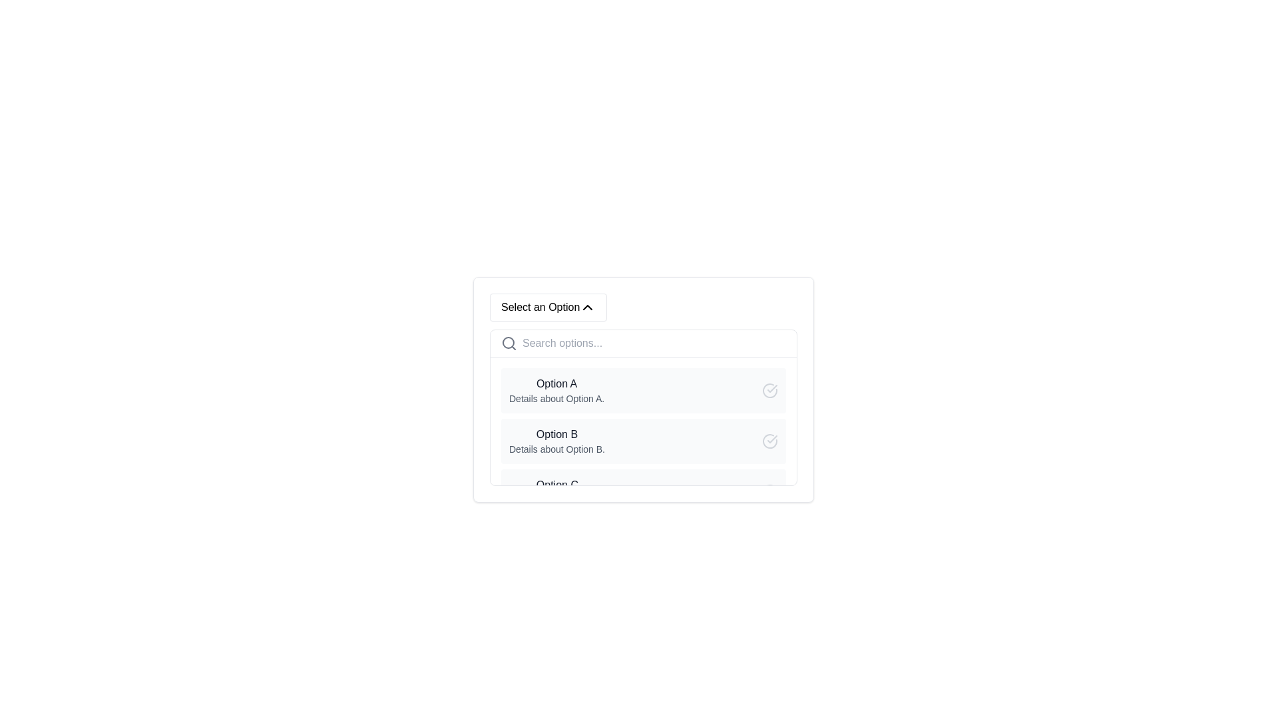  What do you see at coordinates (556, 397) in the screenshot?
I see `the descriptive text label that provides additional information about the 'Option A' selection in the dropdown menu, located below the 'Option A' label` at bounding box center [556, 397].